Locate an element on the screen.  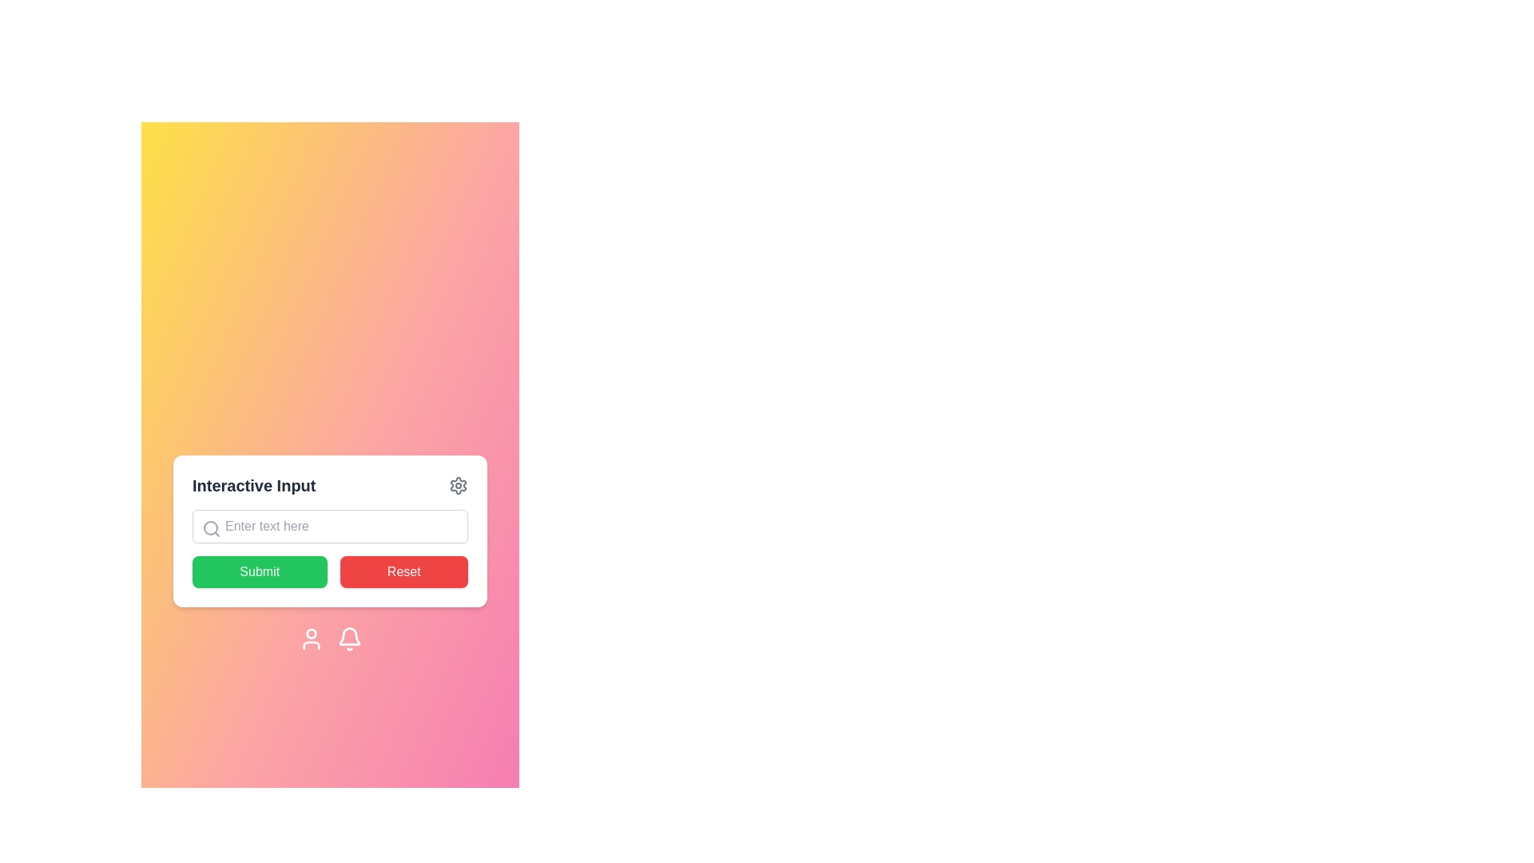
the rectangular red 'Reset' button with white text is located at coordinates (403, 571).